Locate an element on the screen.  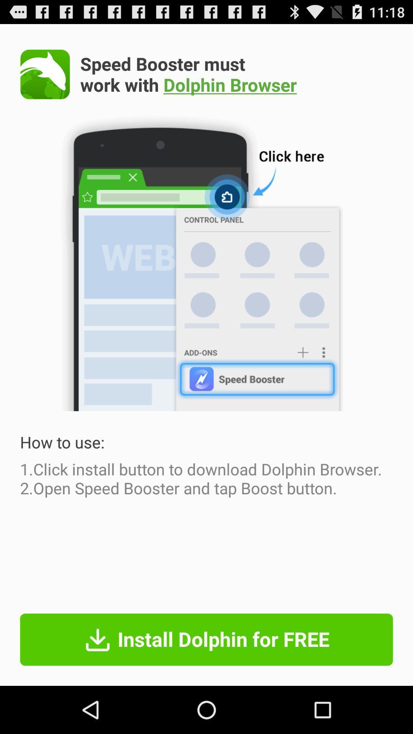
the icon at the top left corner is located at coordinates (45, 74).